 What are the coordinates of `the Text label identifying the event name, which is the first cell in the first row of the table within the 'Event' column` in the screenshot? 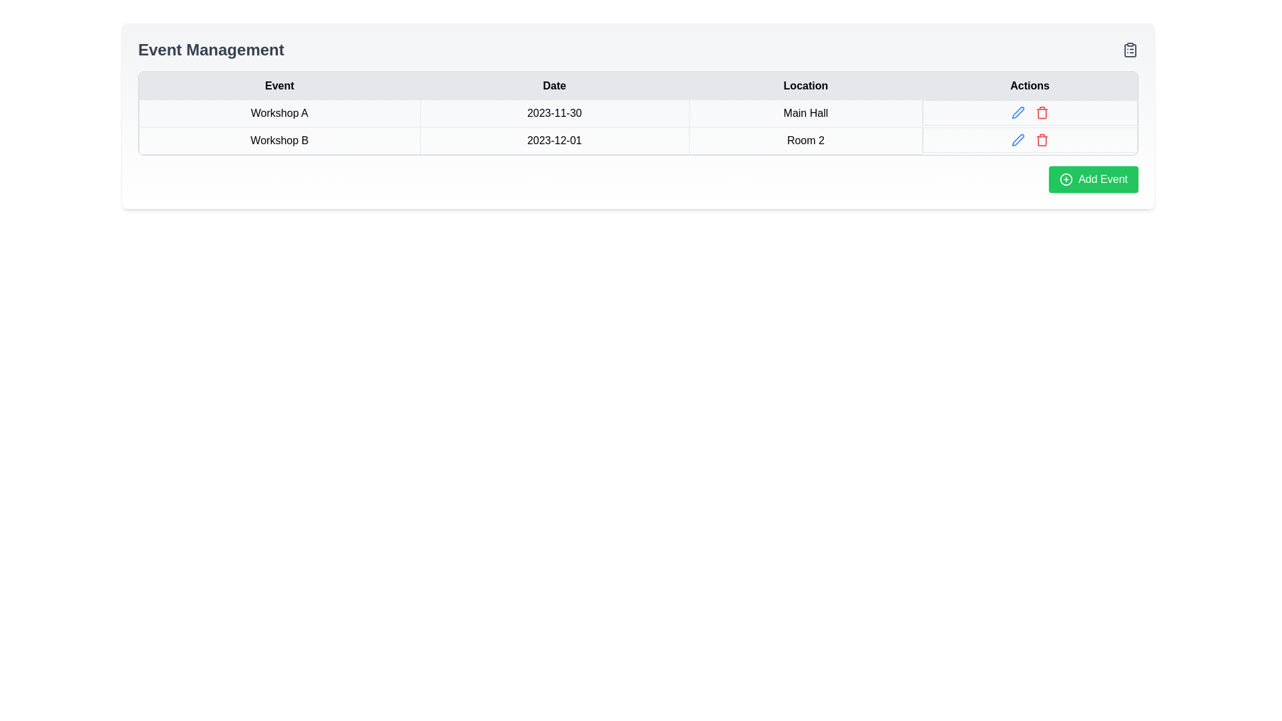 It's located at (278, 112).